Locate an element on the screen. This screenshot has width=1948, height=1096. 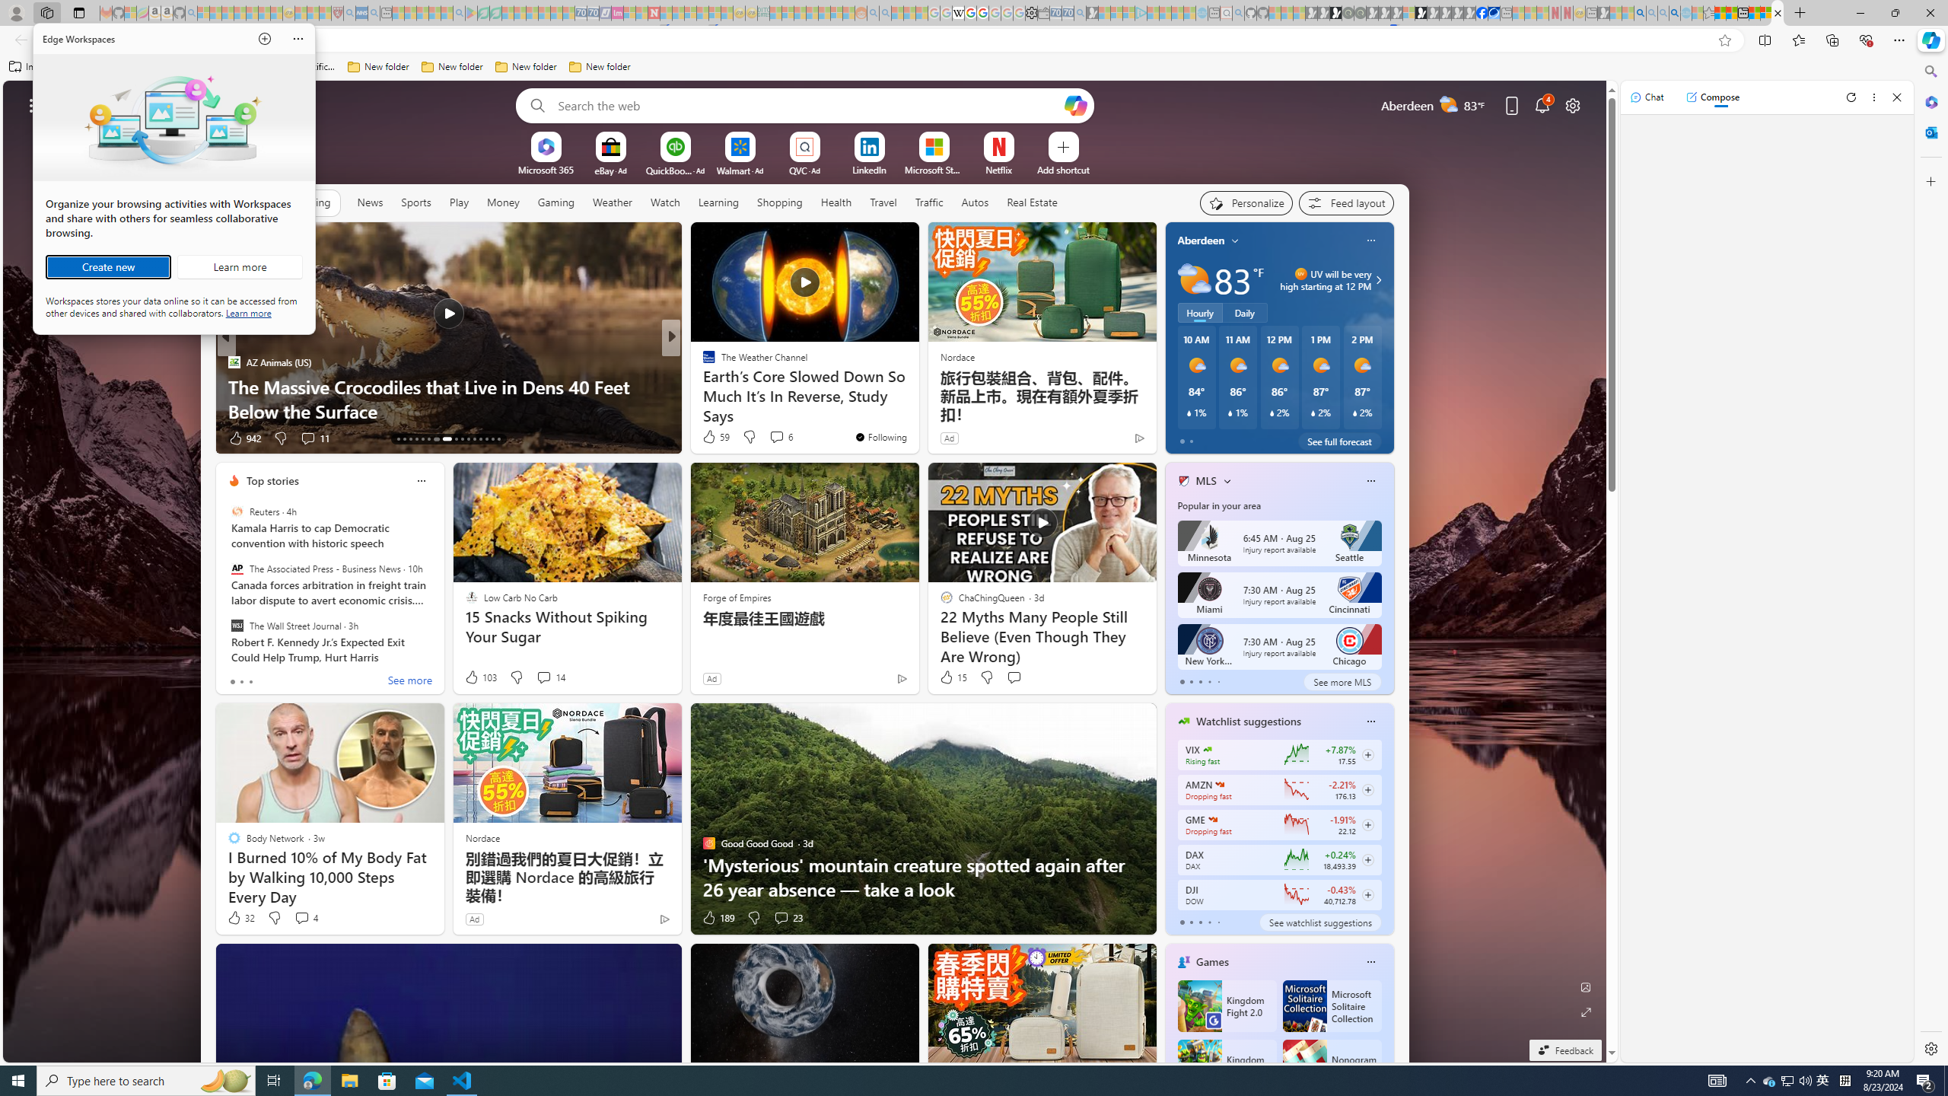
'Kingdom Fight 2.0' is located at coordinates (1225, 1005).